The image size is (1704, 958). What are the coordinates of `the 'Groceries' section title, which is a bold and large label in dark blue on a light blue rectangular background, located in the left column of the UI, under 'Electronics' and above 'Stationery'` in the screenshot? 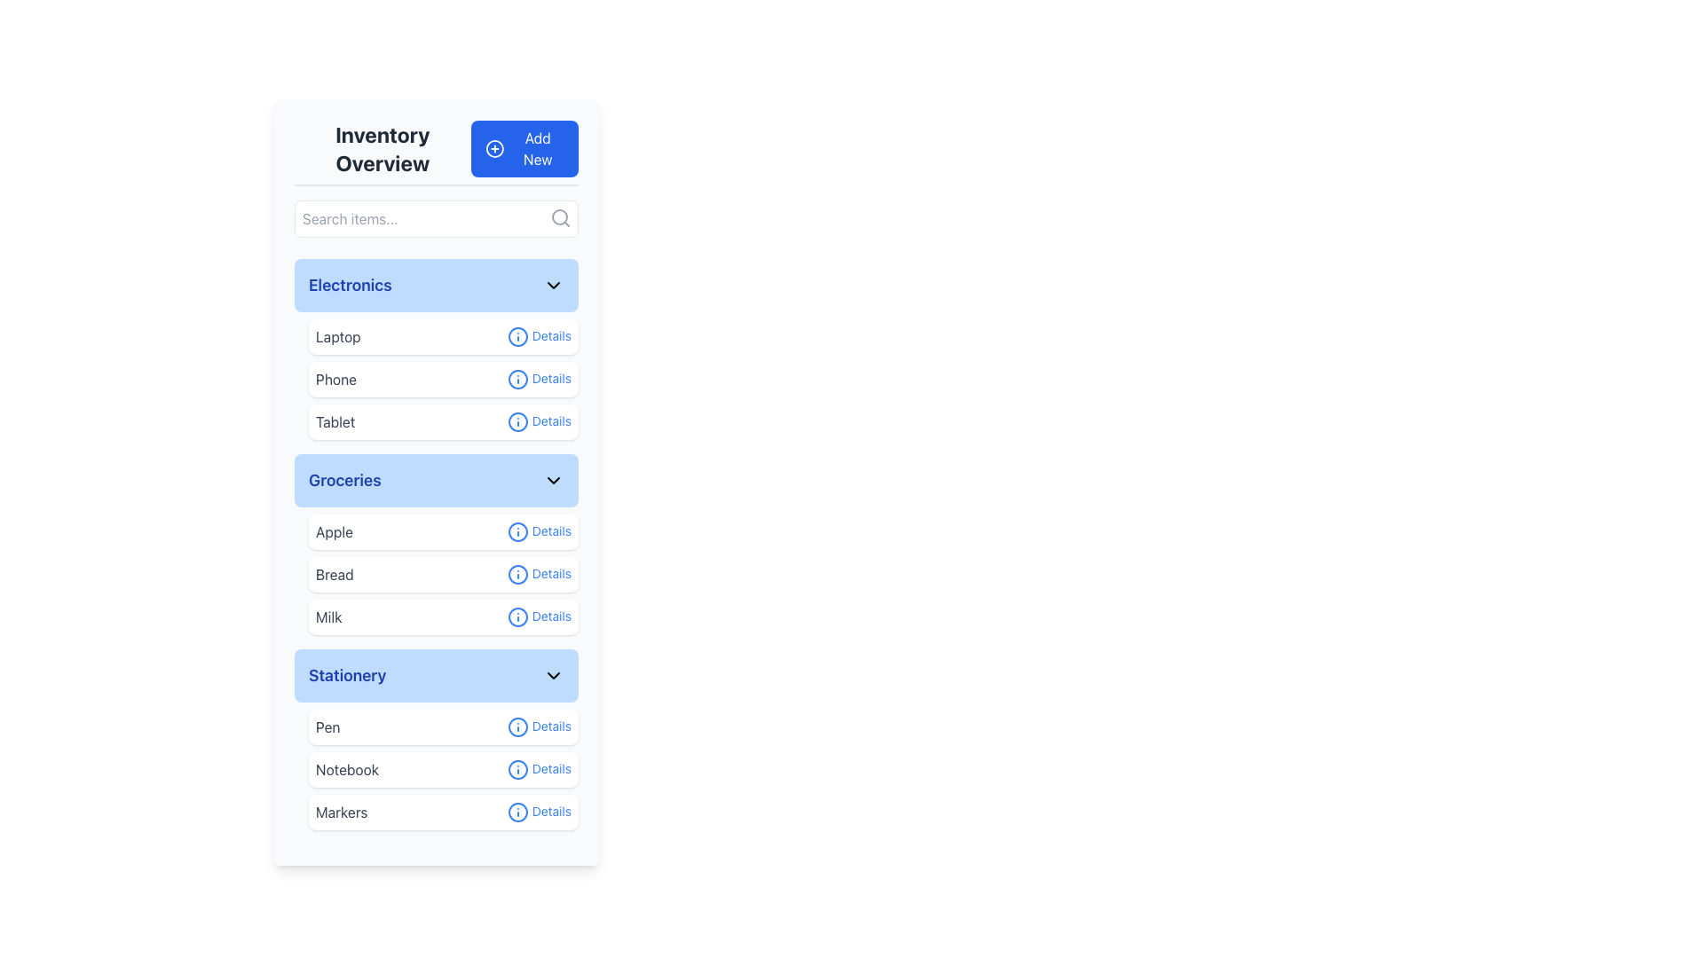 It's located at (344, 481).